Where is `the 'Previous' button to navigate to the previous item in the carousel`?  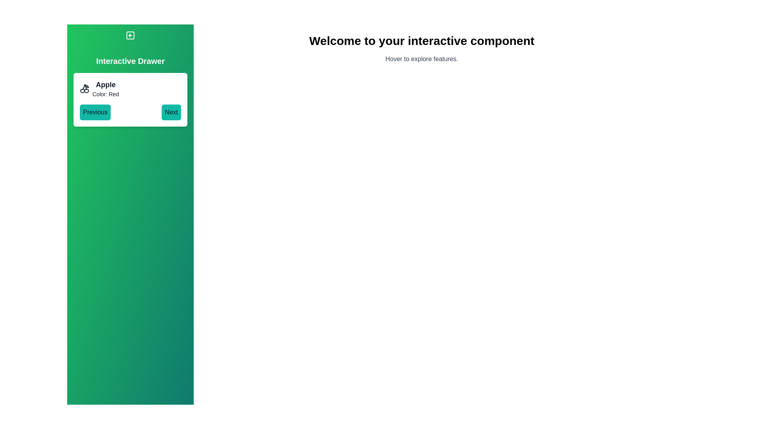 the 'Previous' button to navigate to the previous item in the carousel is located at coordinates (95, 112).